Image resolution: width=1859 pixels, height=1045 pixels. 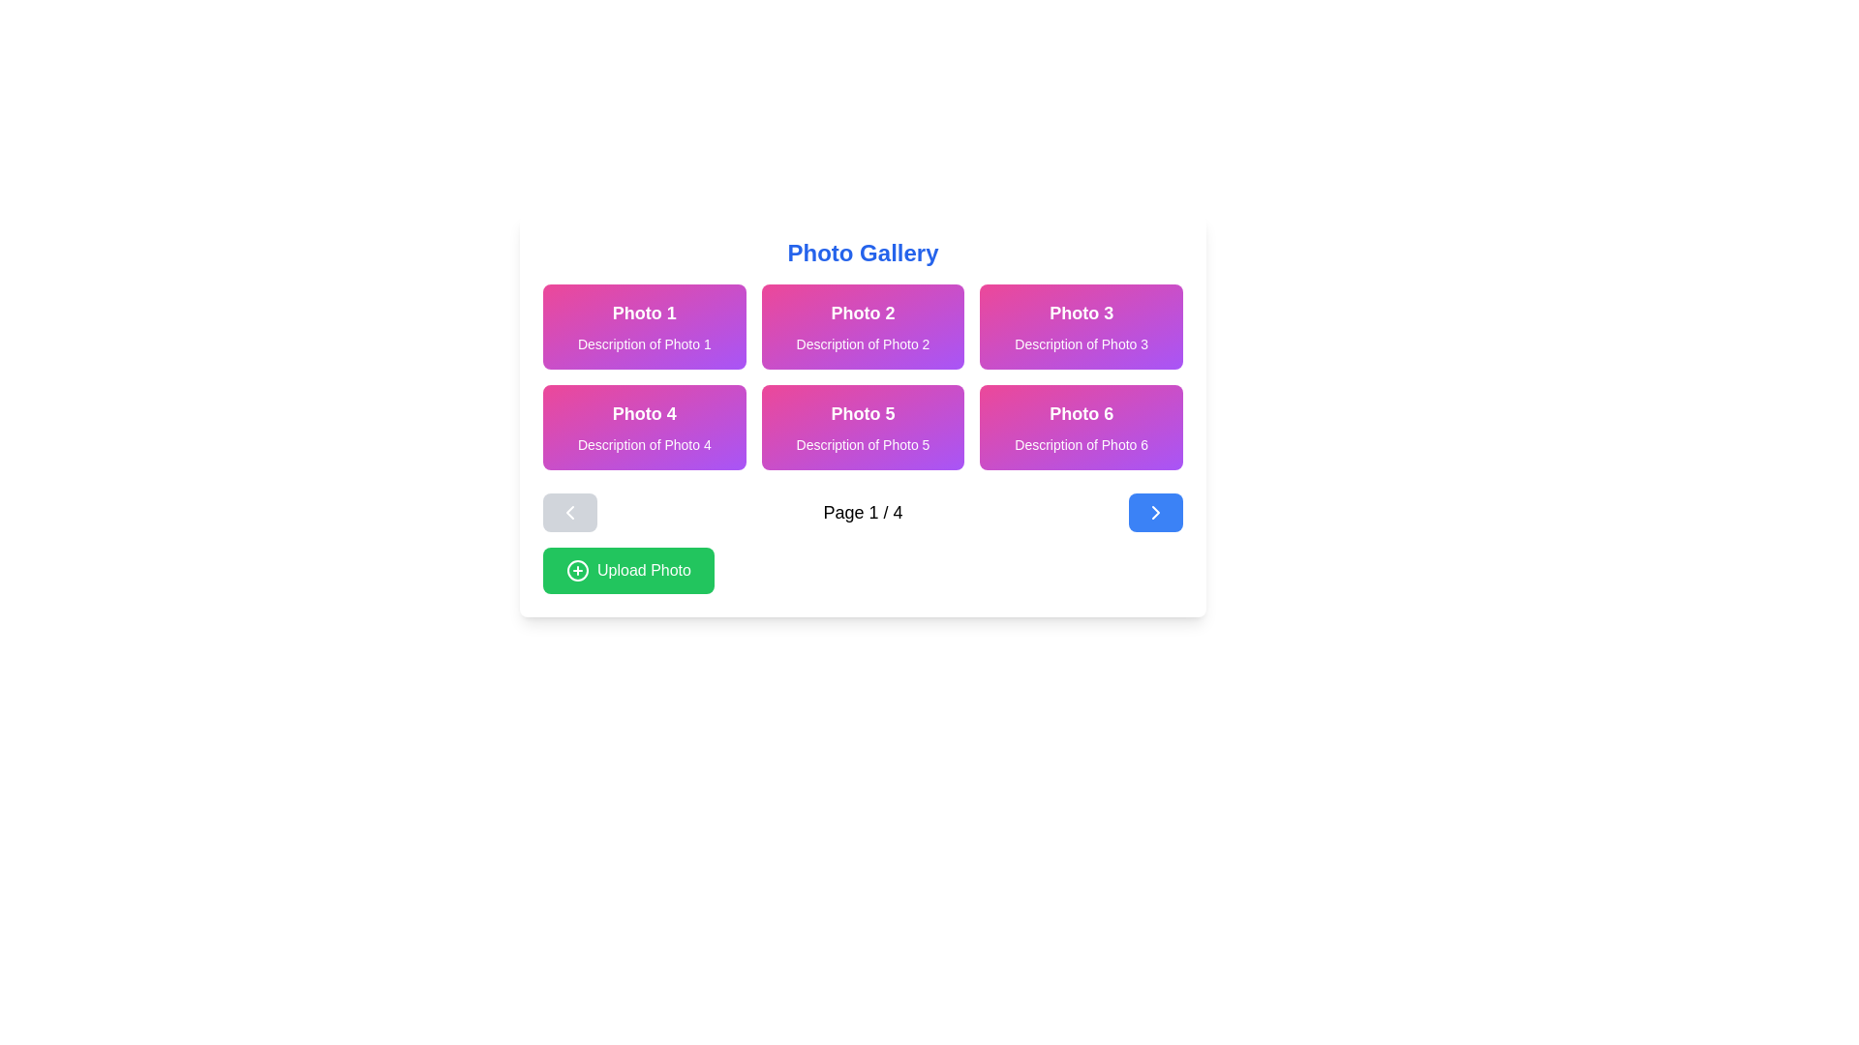 I want to click on the first static information card in the first column of the first row within the 3x2 grid layout, so click(x=644, y=326).